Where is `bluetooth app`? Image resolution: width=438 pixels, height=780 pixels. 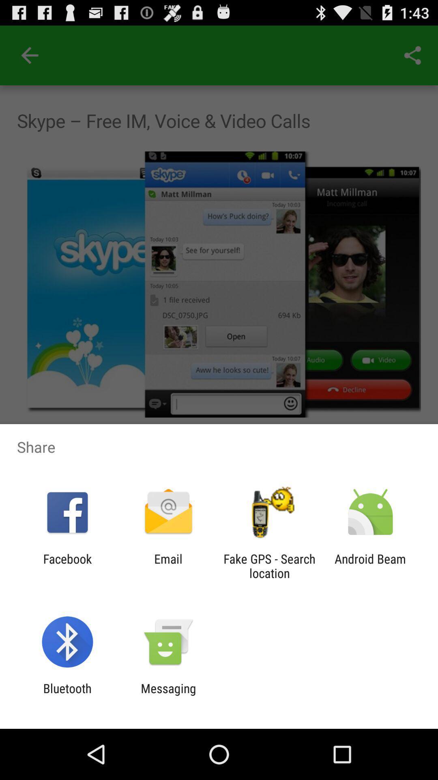
bluetooth app is located at coordinates (67, 695).